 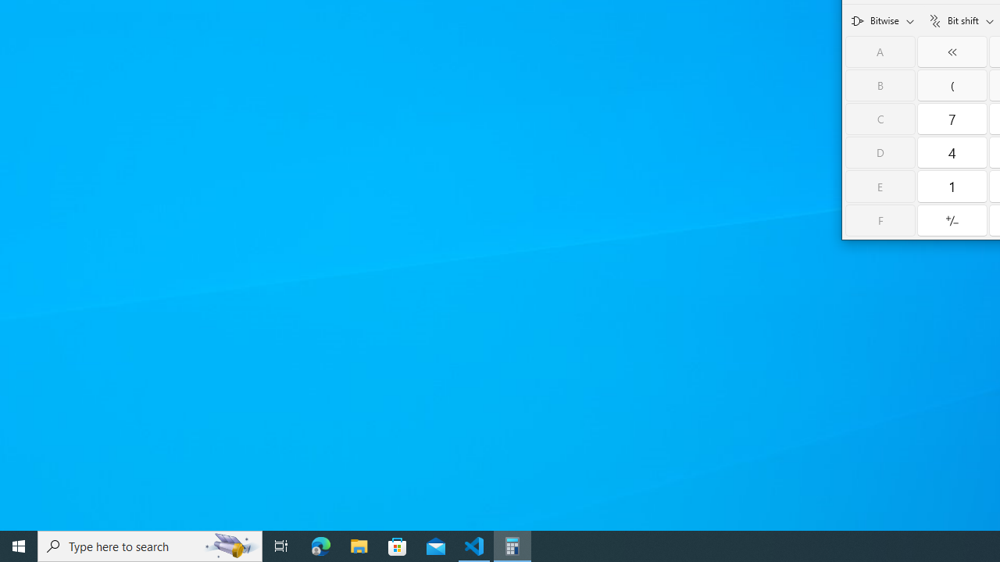 What do you see at coordinates (952, 220) in the screenshot?
I see `'Positive negative'` at bounding box center [952, 220].